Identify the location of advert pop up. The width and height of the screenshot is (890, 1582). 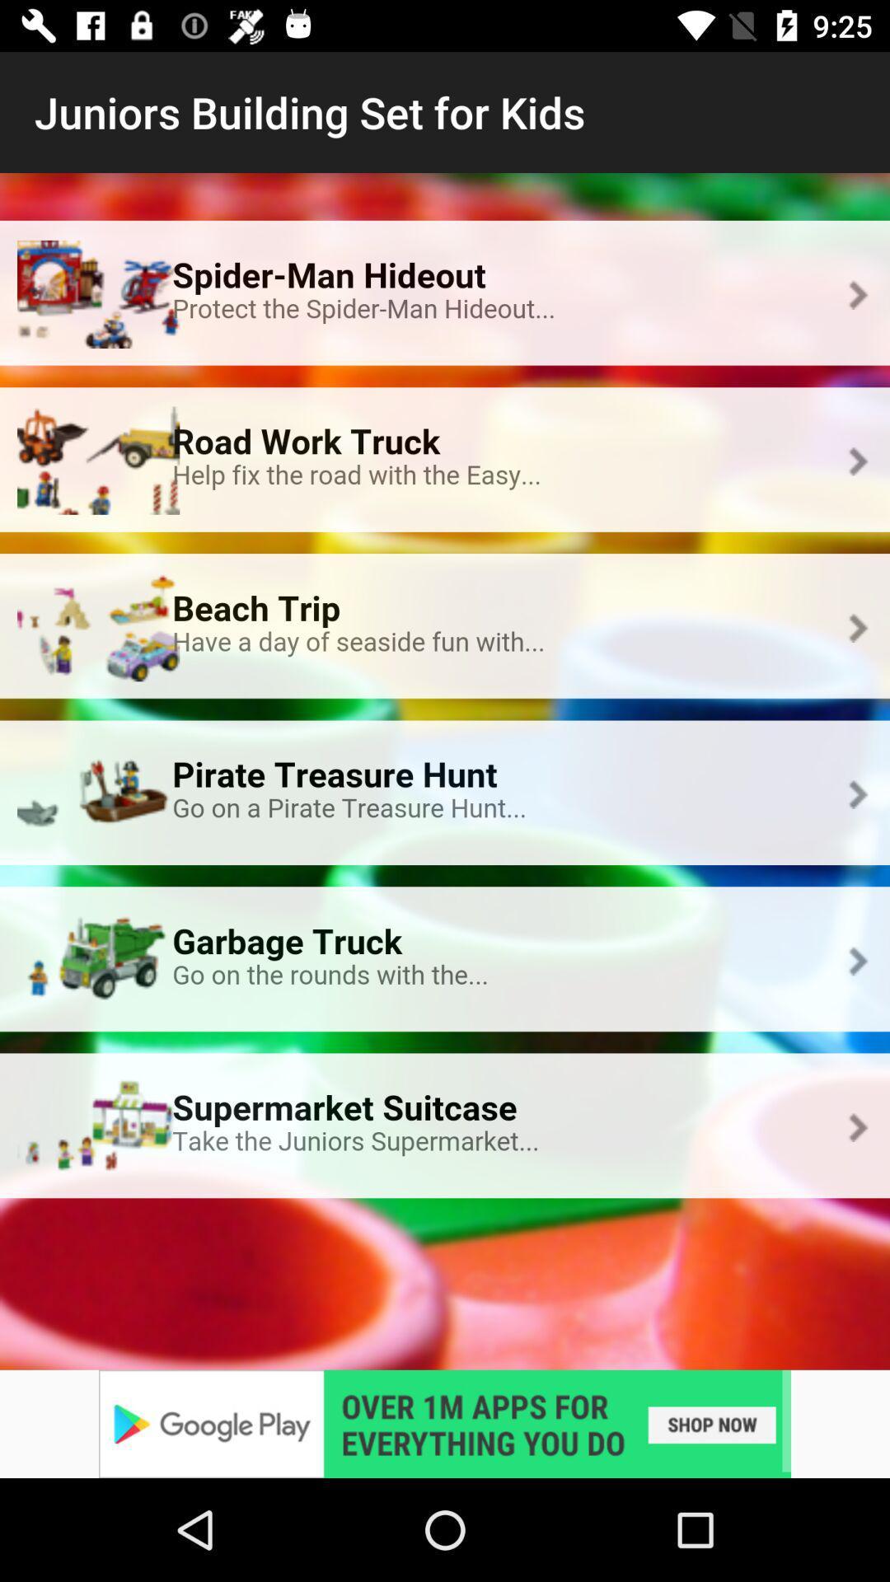
(445, 1423).